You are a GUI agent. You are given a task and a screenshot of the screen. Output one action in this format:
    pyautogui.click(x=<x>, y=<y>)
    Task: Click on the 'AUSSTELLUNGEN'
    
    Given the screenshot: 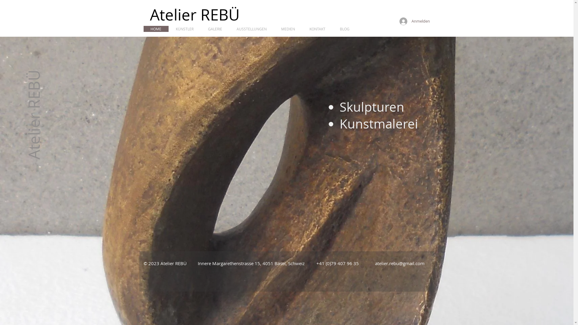 What is the action you would take?
    pyautogui.click(x=232, y=29)
    